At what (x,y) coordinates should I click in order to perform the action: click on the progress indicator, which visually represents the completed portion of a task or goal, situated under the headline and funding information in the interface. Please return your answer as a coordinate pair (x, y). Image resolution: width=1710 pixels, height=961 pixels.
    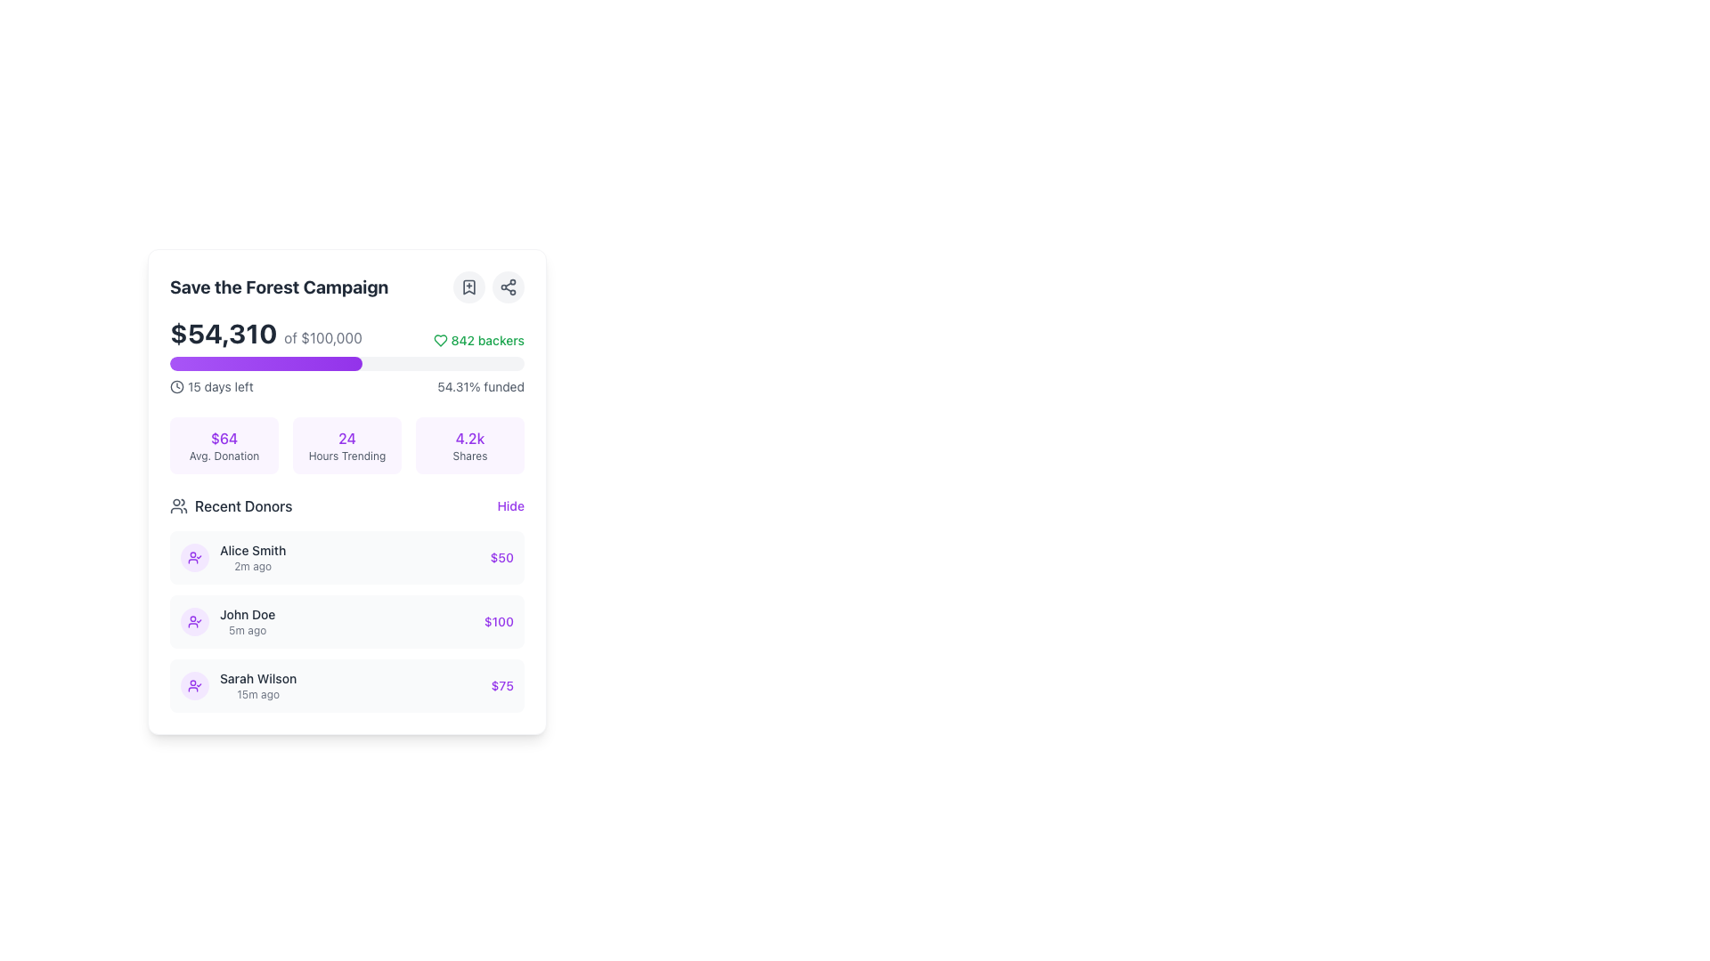
    Looking at the image, I should click on (265, 362).